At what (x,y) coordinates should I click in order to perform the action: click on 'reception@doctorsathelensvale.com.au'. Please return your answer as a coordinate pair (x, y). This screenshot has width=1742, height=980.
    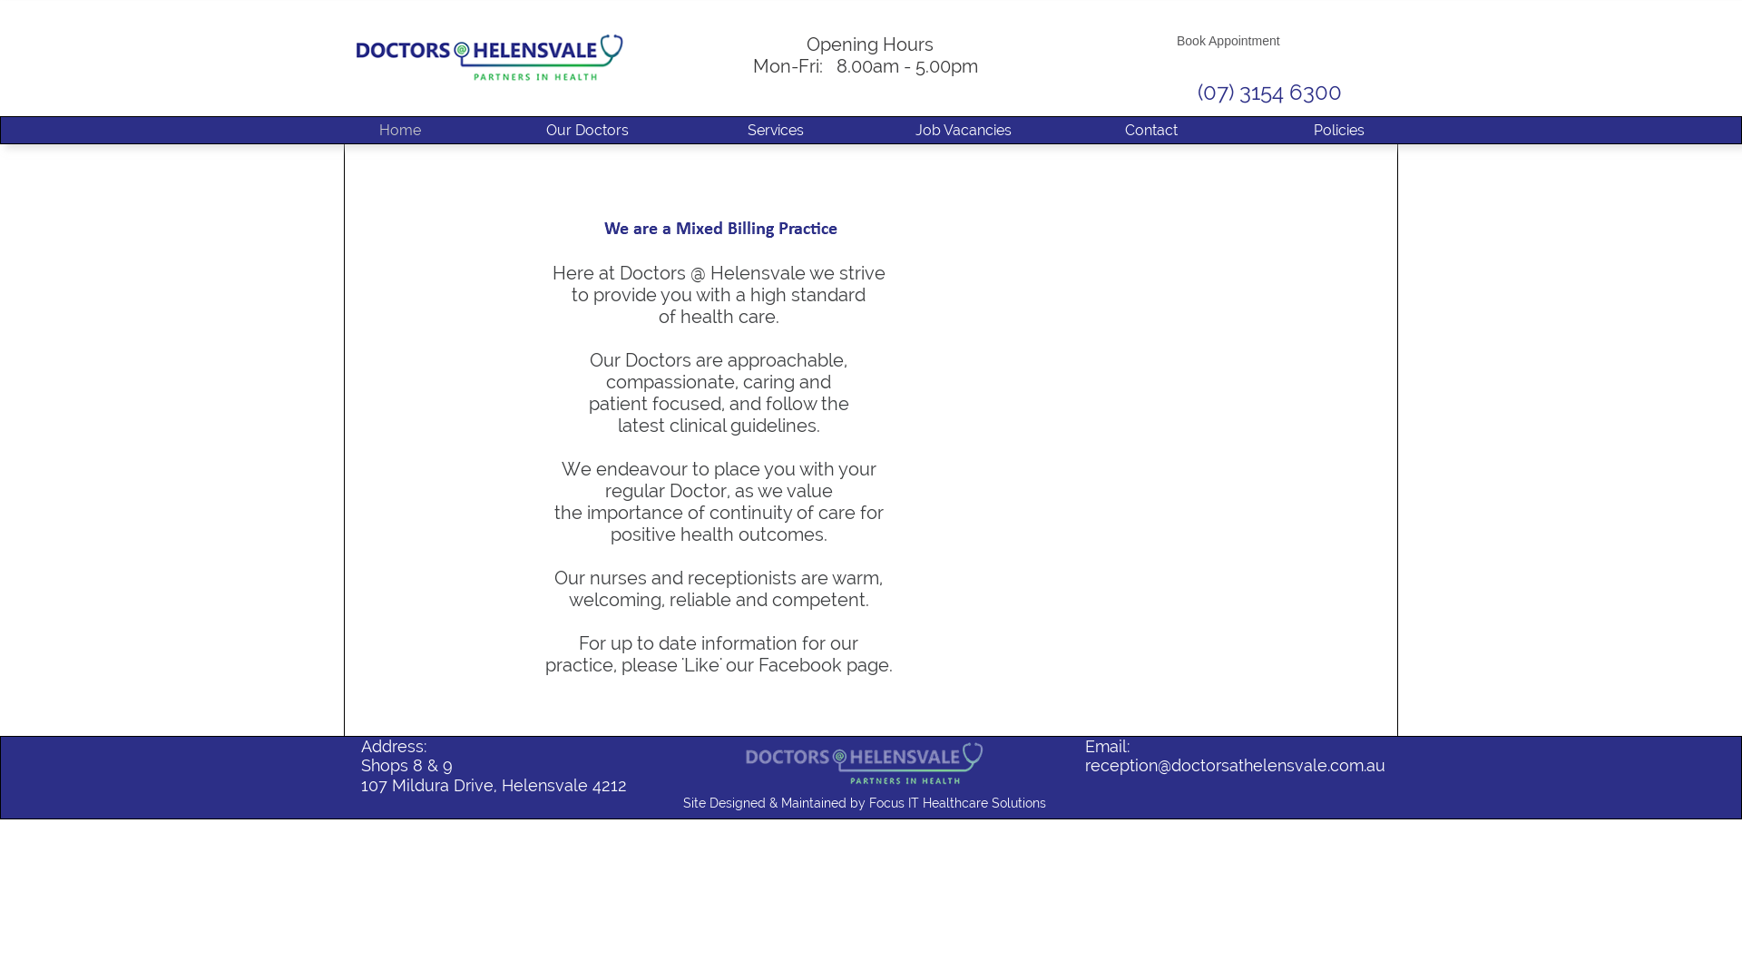
    Looking at the image, I should click on (1234, 766).